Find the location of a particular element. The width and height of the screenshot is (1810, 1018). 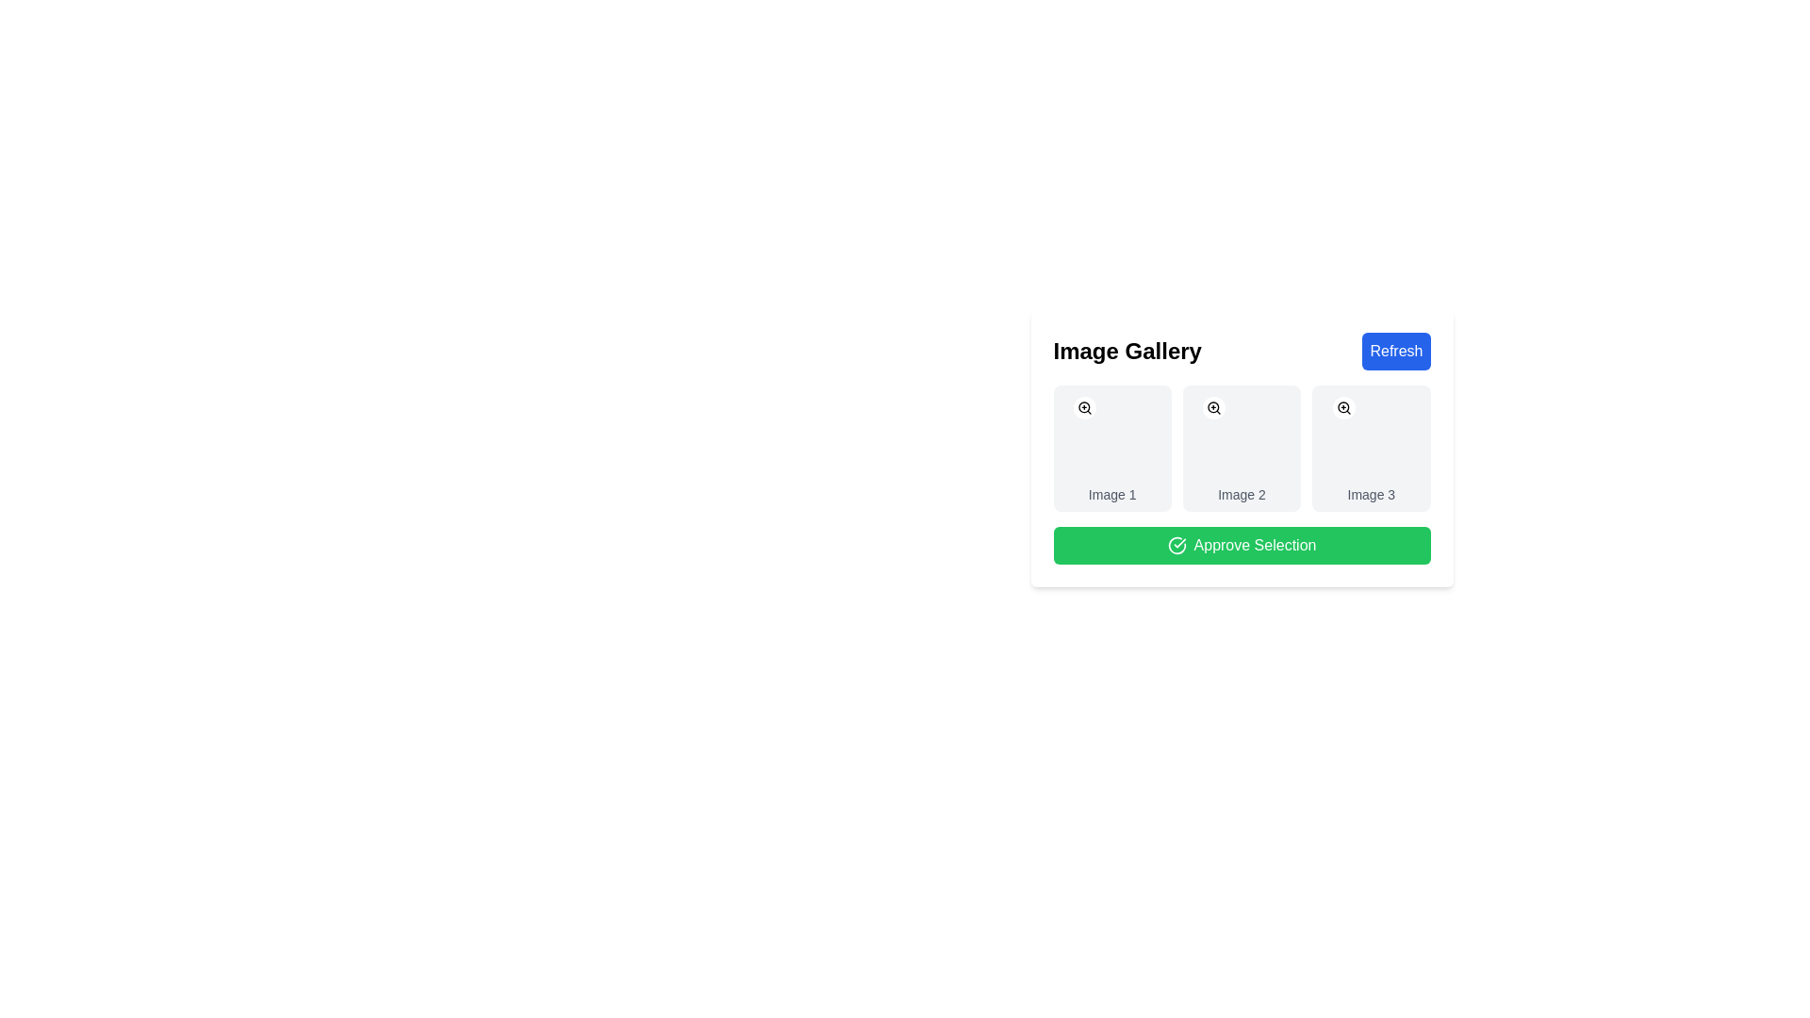

text label 'Image 2' which is displayed in a small, gray font beneath the image preview area, centered in the middle card of the row is located at coordinates (1242, 493).